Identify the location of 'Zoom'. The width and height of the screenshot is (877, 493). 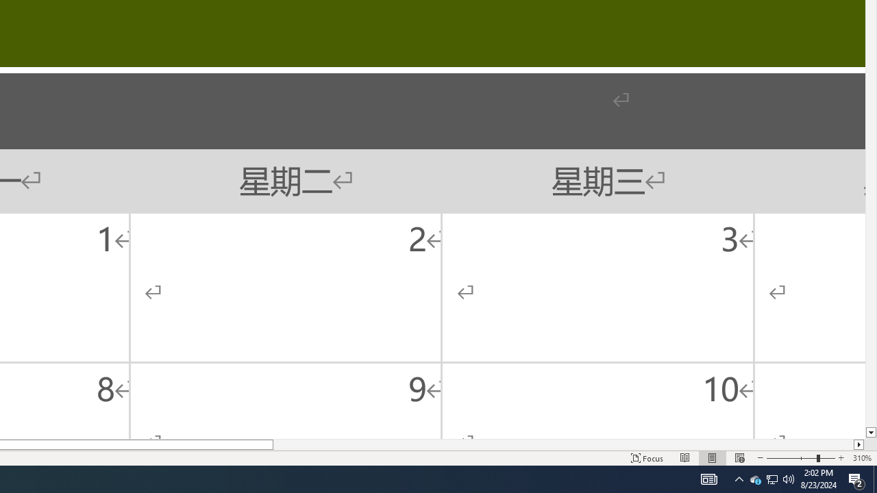
(800, 458).